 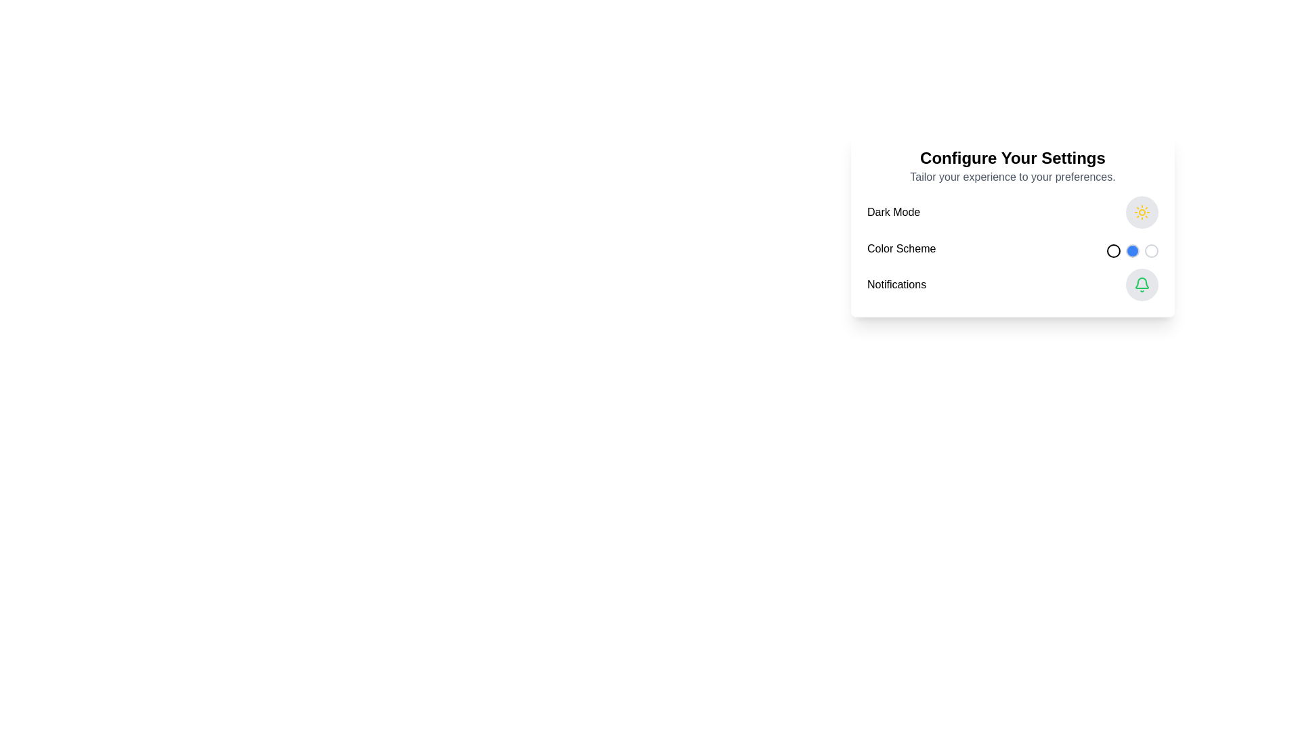 What do you see at coordinates (1013, 177) in the screenshot?
I see `the static text label providing guidance related to the heading 'Configure Your Settings', which is centered horizontally and positioned directly below it` at bounding box center [1013, 177].